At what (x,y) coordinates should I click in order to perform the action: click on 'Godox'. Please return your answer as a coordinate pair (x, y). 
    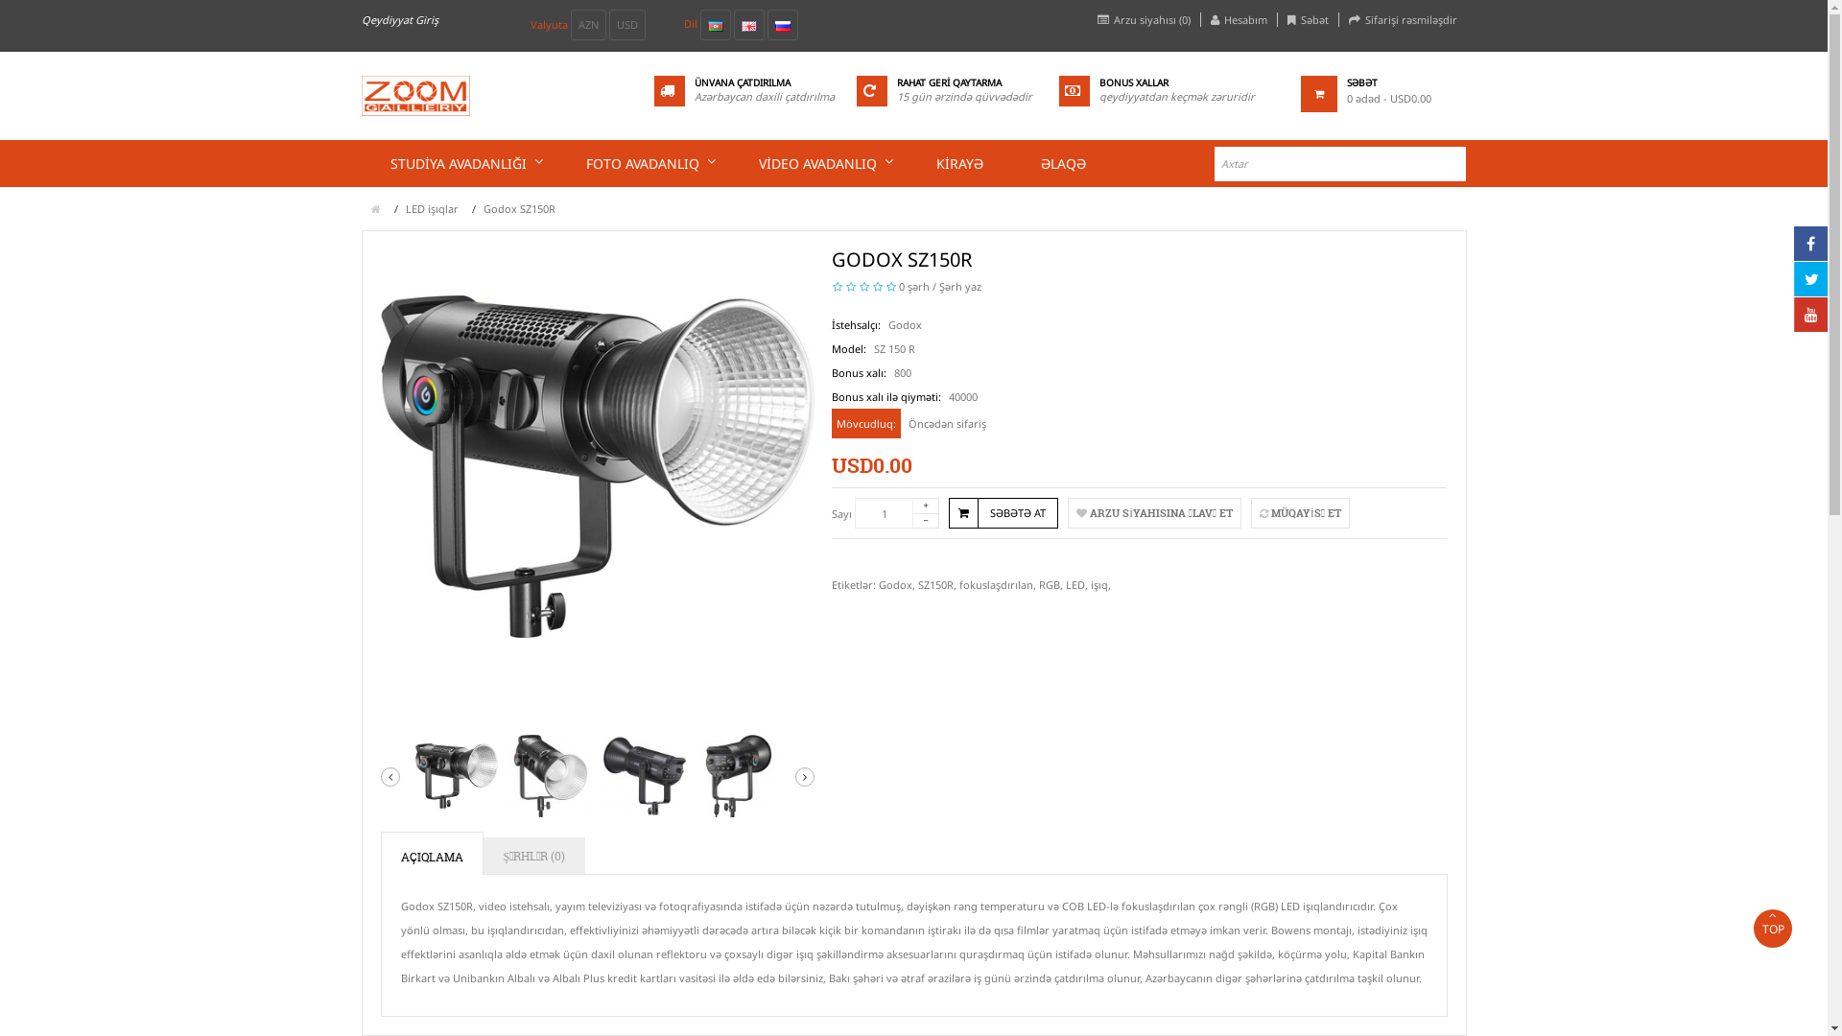
    Looking at the image, I should click on (887, 323).